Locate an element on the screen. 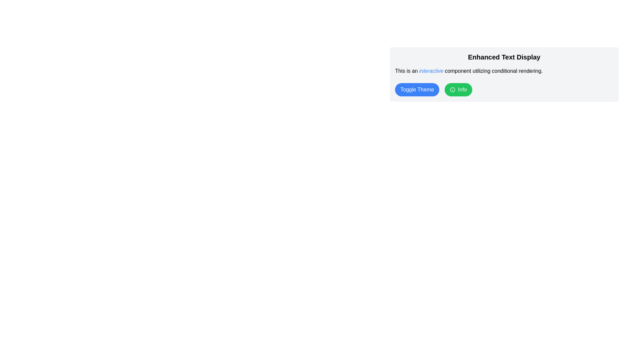 Image resolution: width=639 pixels, height=359 pixels. the 'Toggle Theme' button, which is a blue button with rounded edges located at the top-right section of the interface is located at coordinates (417, 90).